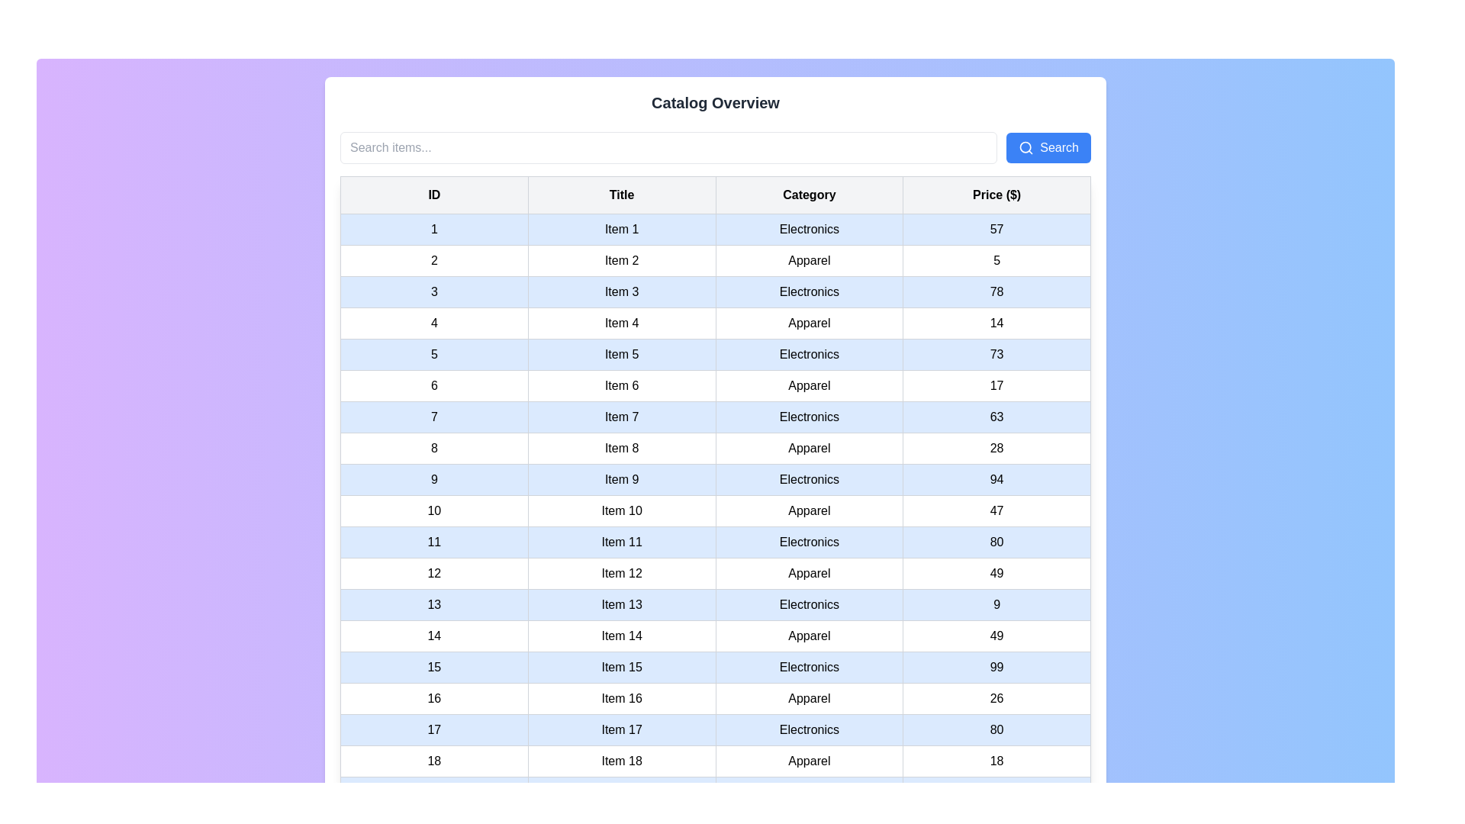 The image size is (1465, 824). What do you see at coordinates (433, 729) in the screenshot?
I see `the table cell that represents the ID of the 17th row entry in the table, which is the first cell of that row` at bounding box center [433, 729].